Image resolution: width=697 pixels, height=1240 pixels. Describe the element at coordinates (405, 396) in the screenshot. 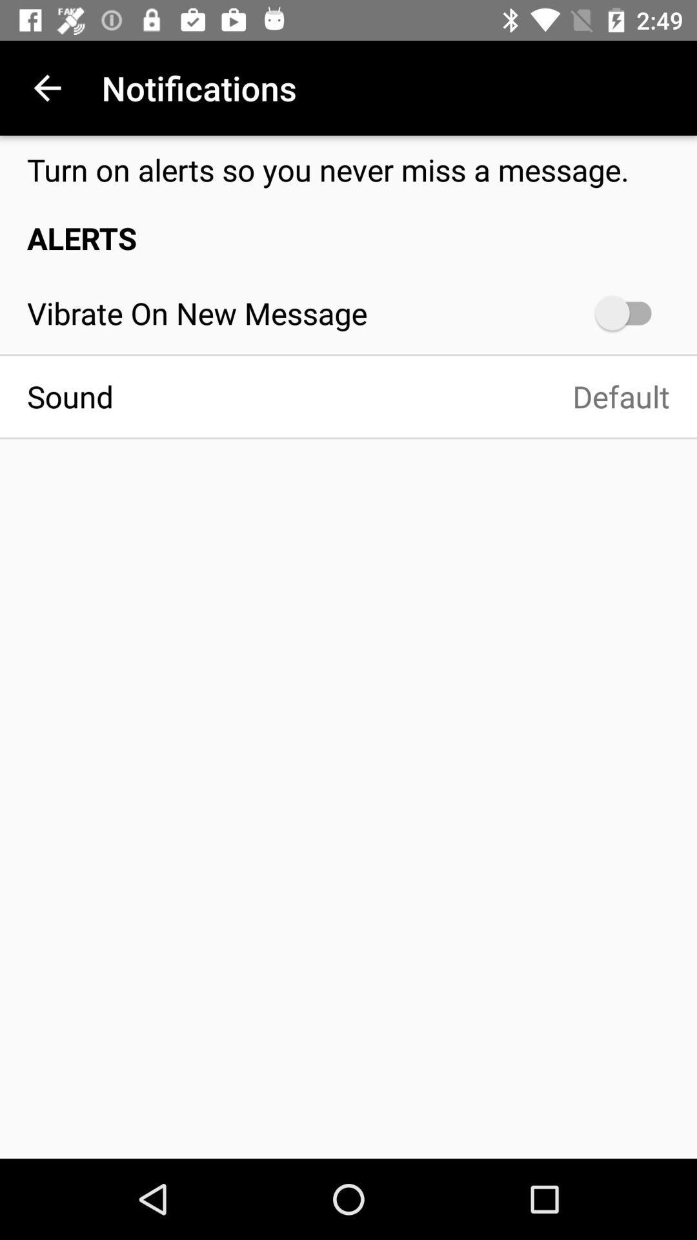

I see `icon to the right of the sound` at that location.